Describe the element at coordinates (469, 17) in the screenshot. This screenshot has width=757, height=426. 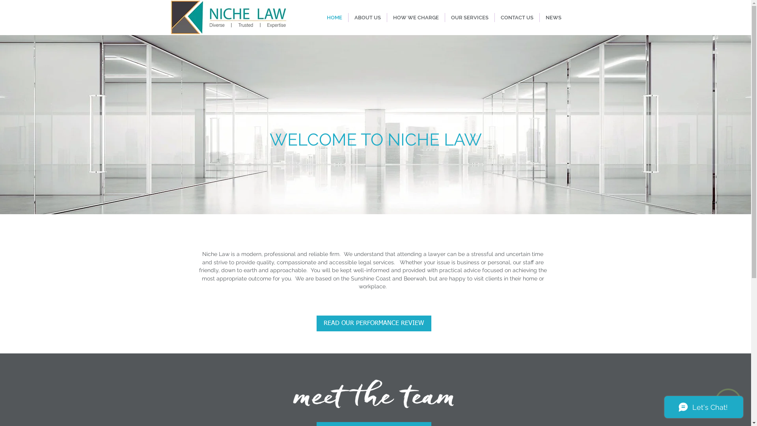
I see `'OUR SERVICES'` at that location.